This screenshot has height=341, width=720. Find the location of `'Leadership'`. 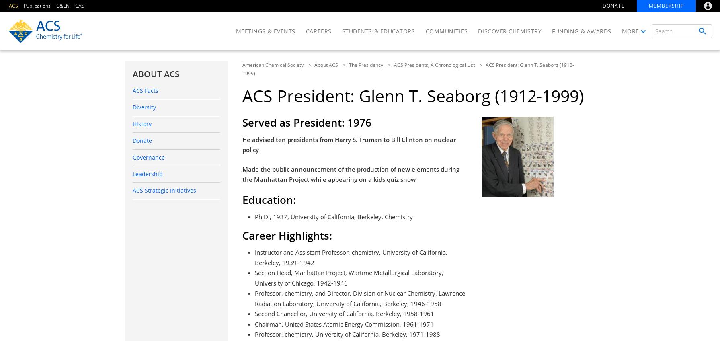

'Leadership' is located at coordinates (147, 173).